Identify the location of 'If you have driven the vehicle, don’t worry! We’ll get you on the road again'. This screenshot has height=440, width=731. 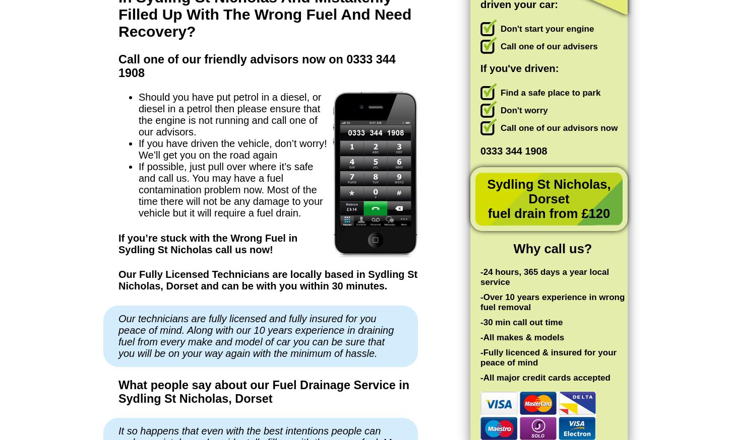
(232, 148).